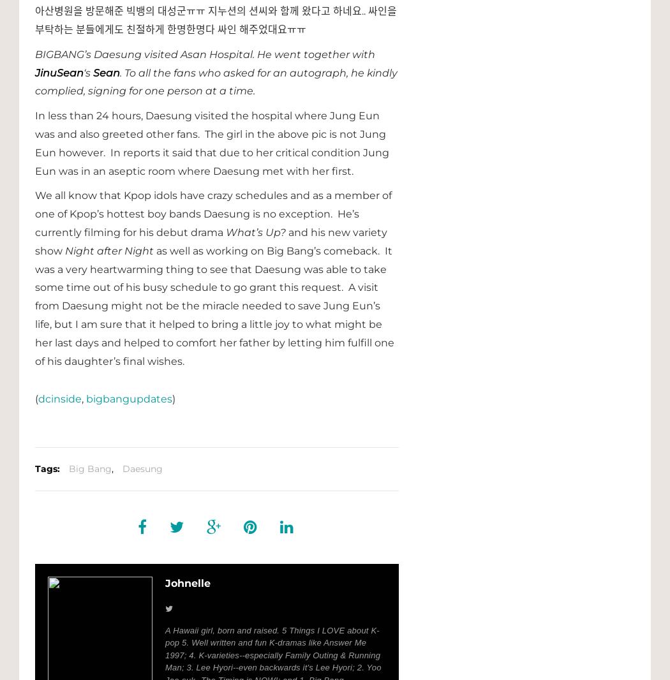  What do you see at coordinates (108, 250) in the screenshot?
I see `'Night after Night'` at bounding box center [108, 250].